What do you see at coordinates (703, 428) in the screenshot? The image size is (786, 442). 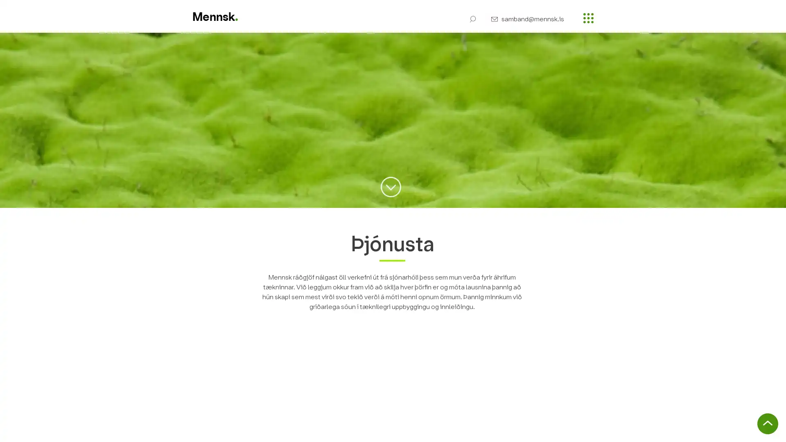 I see `Nei, takk` at bounding box center [703, 428].